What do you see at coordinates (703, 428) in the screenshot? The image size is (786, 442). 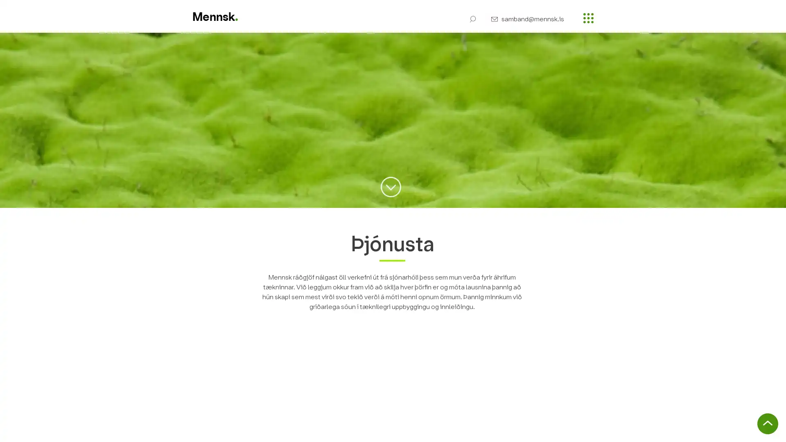 I see `Nei, takk` at bounding box center [703, 428].